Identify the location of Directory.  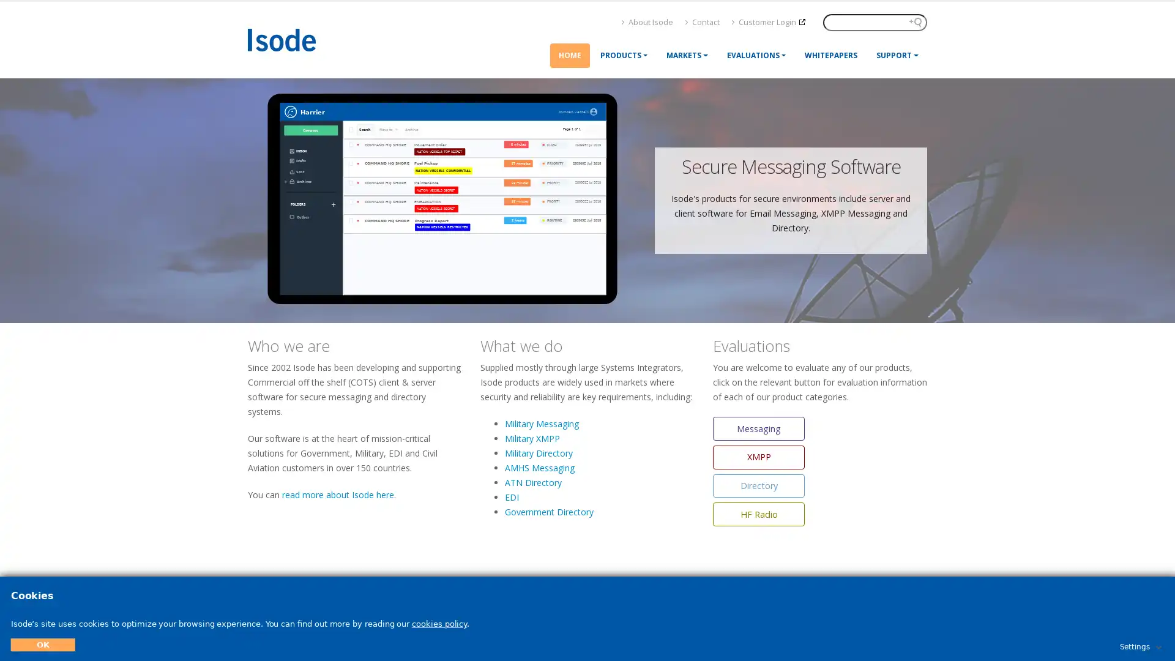
(758, 485).